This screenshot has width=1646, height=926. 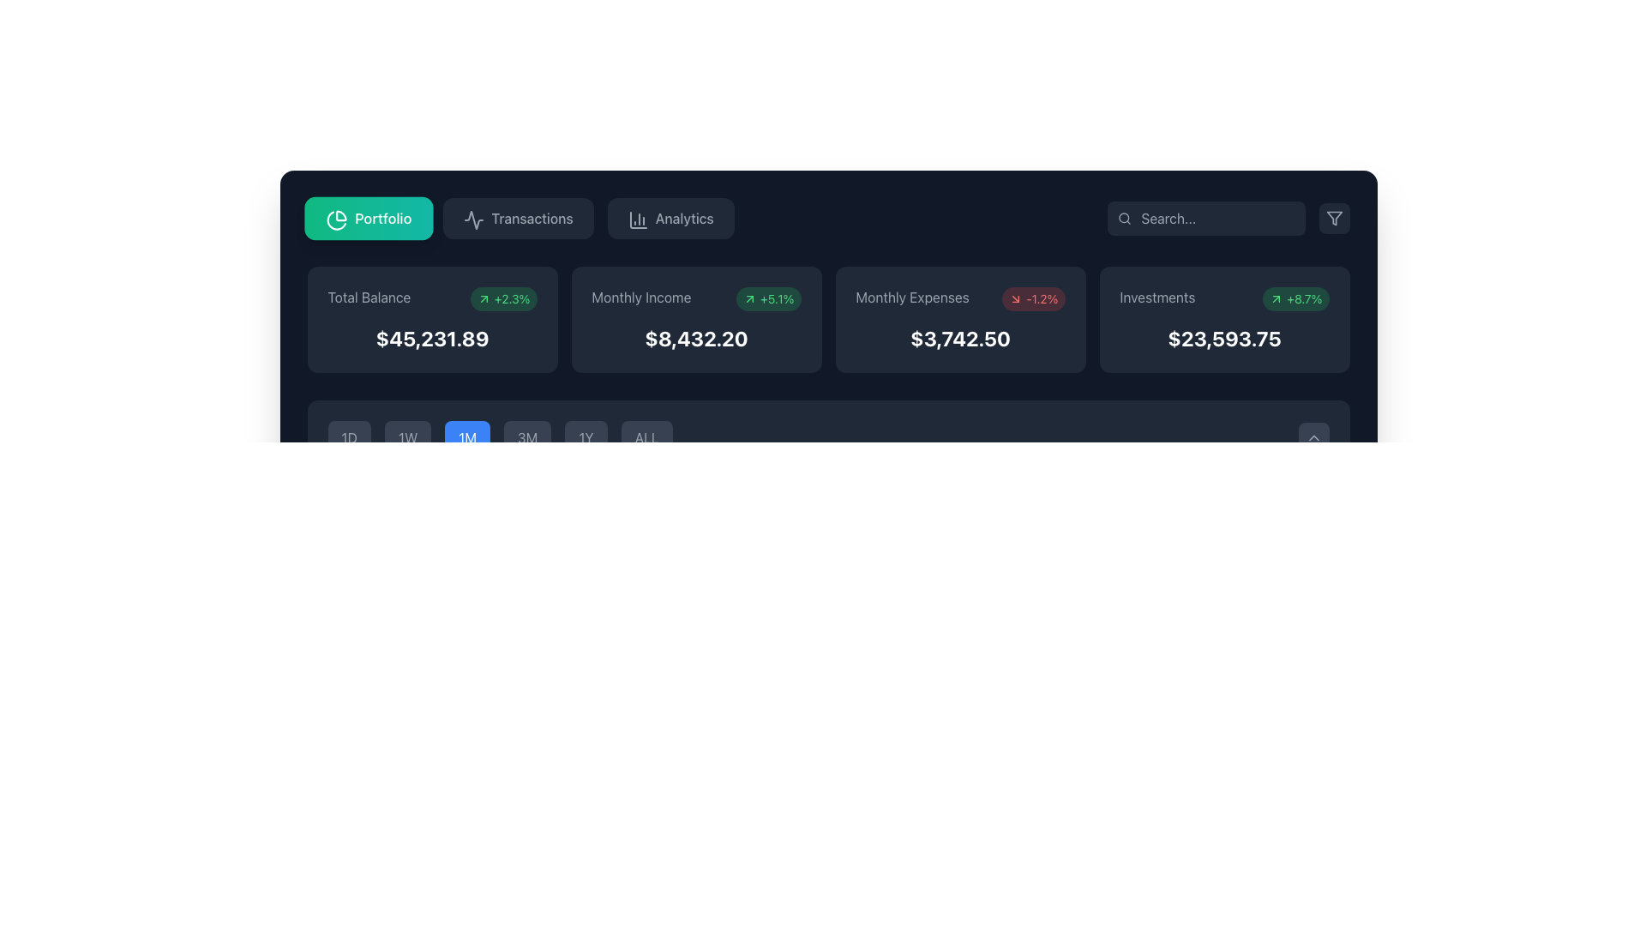 What do you see at coordinates (637, 219) in the screenshot?
I see `the bar chart icon located in the 'Analytics' section at the top bar of the interface` at bounding box center [637, 219].